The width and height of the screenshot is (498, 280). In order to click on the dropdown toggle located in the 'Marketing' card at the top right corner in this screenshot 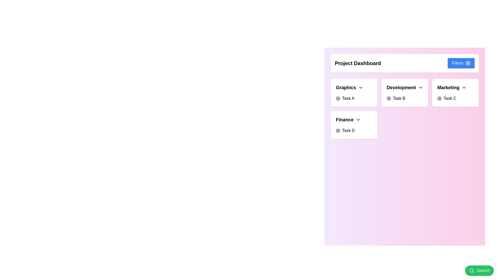, I will do `click(452, 87)`.